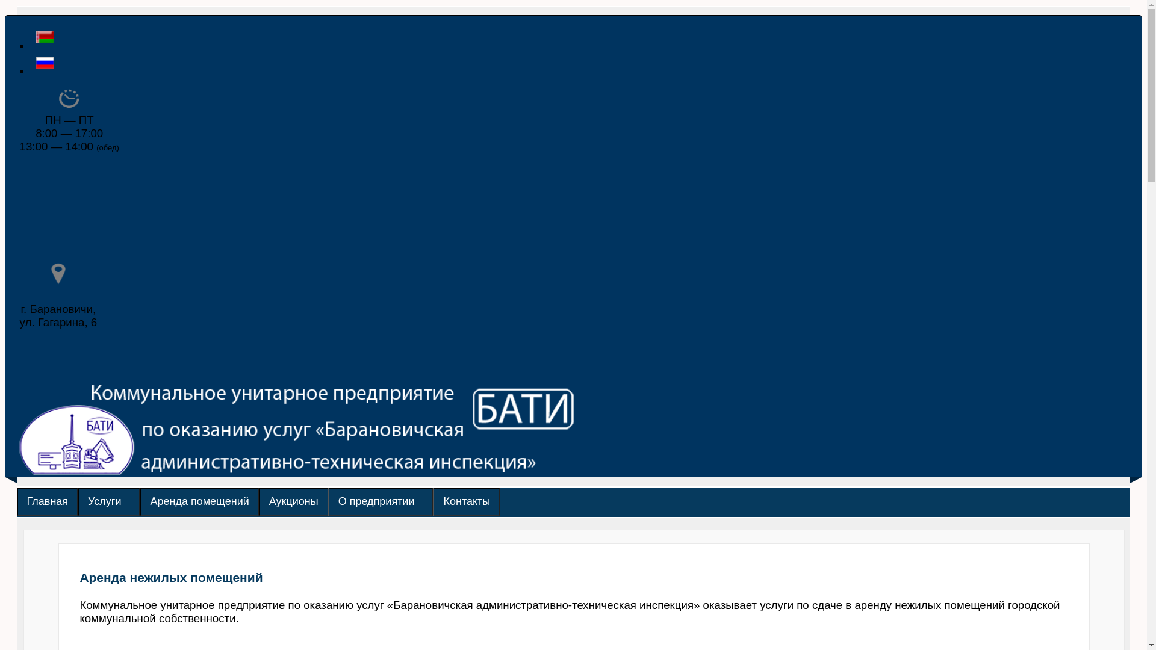  Describe the element at coordinates (45, 63) in the screenshot. I see `'Russian (Russia)'` at that location.